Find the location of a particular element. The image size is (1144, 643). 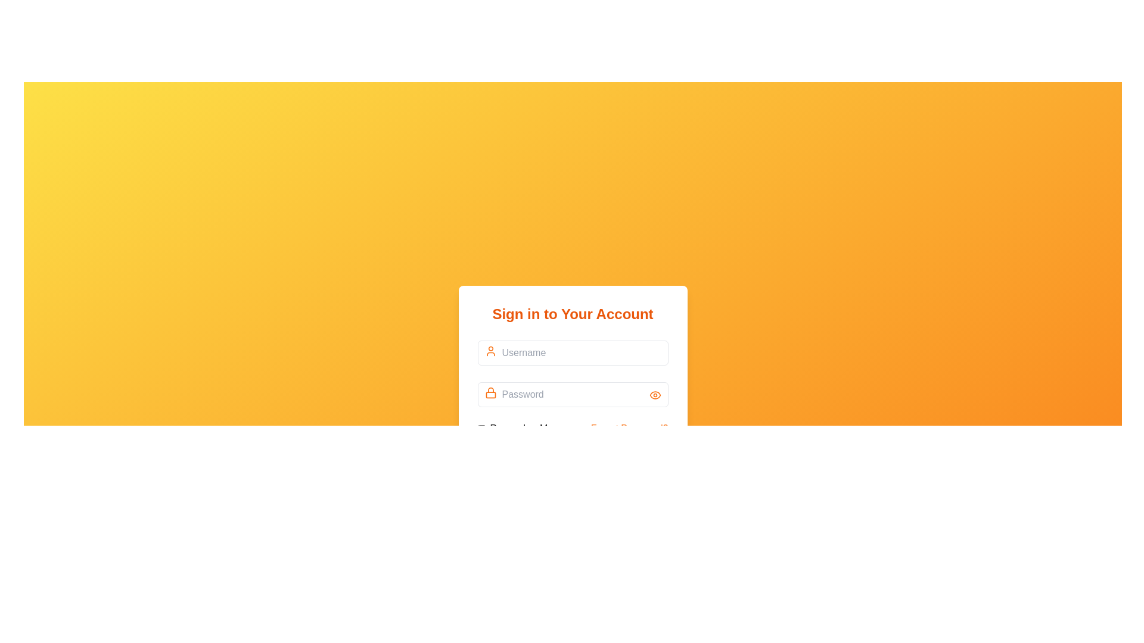

the curved outline of the eye icon located within the password input field in the login form is located at coordinates (654, 395).